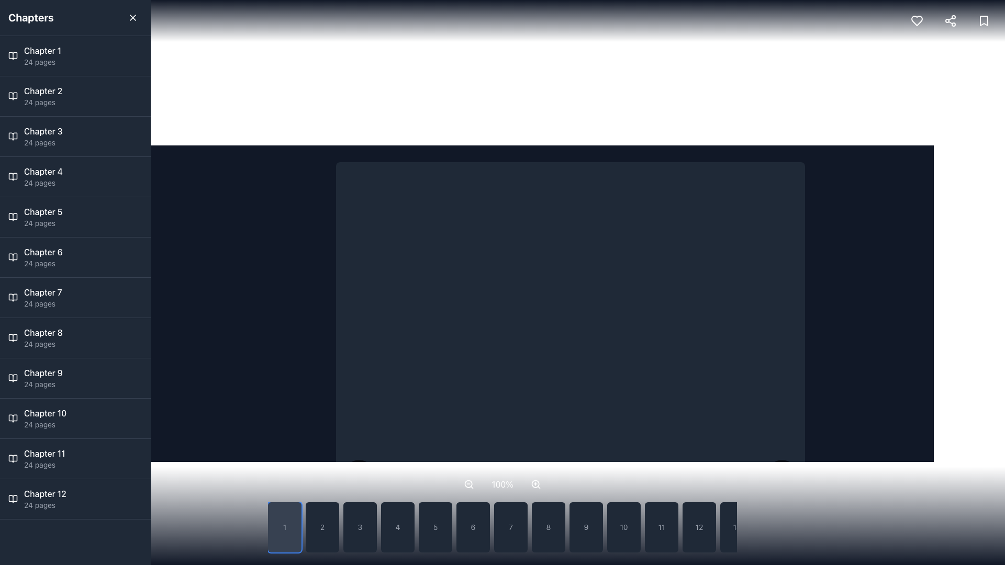  Describe the element at coordinates (950, 20) in the screenshot. I see `the share icon button located in the top-right corner of the interface` at that location.